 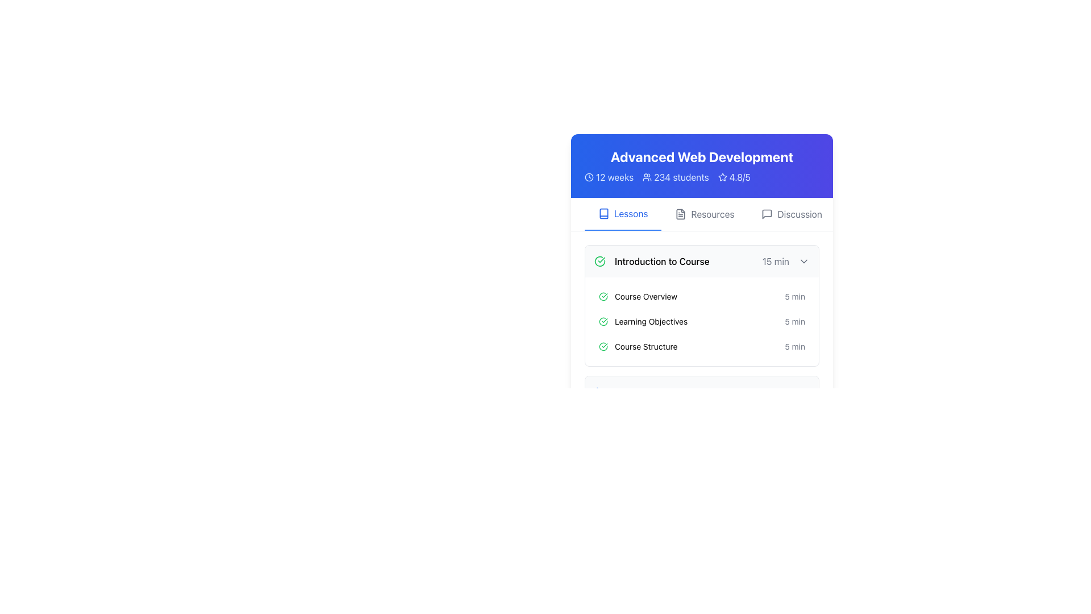 What do you see at coordinates (646, 296) in the screenshot?
I see `text content of the Text Label located in the 'Advanced Web Development' course interface under the 'Introduction to Course' header, positioned on the left-hand side next to a green checkmark icon` at bounding box center [646, 296].